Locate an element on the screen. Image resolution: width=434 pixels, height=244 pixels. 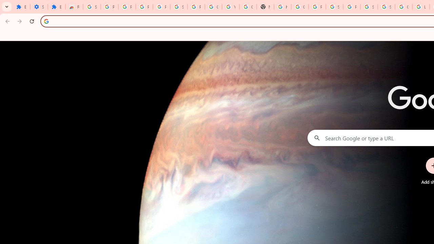
'New Tab' is located at coordinates (265, 7).